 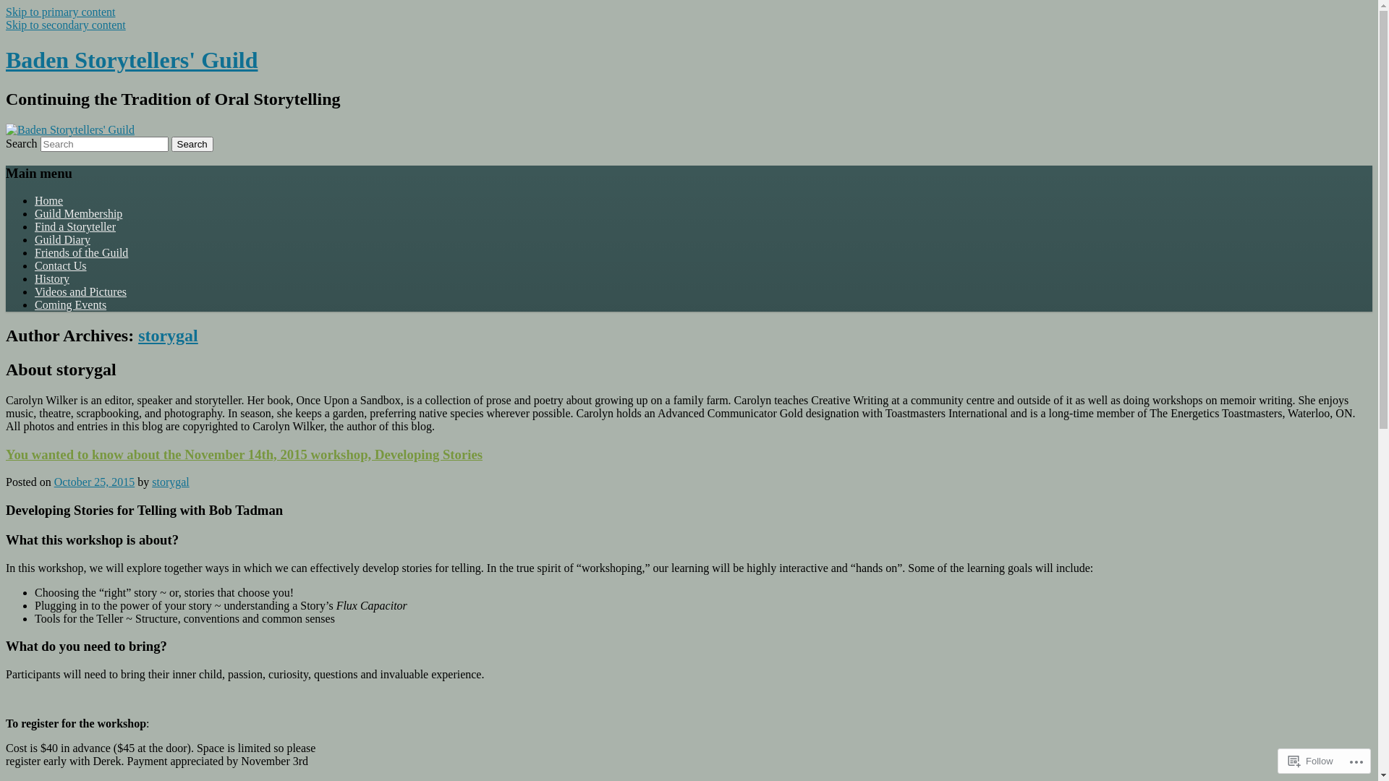 I want to click on 'Skip to primary content', so click(x=6, y=12).